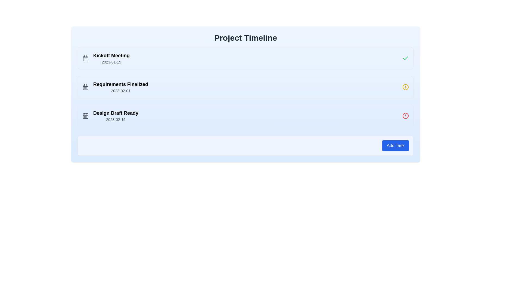 The width and height of the screenshot is (522, 293). I want to click on the 'Kickoff Meeting' text label which is the first entry in the vertical list under 'Project Timeline', featuring a calendar icon to its left, so click(111, 58).